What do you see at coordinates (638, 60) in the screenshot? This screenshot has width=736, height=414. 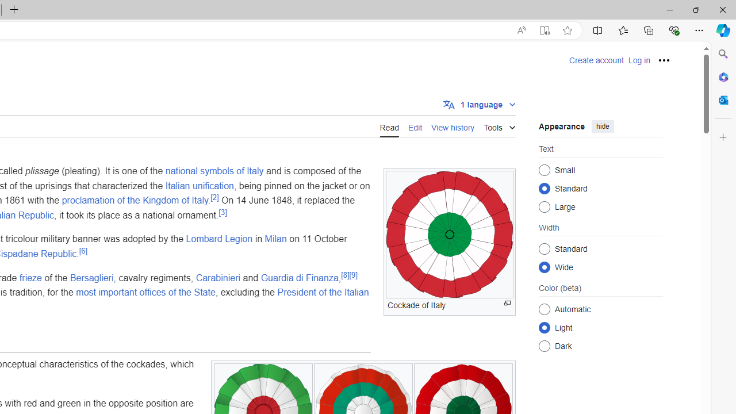 I see `'Log in'` at bounding box center [638, 60].